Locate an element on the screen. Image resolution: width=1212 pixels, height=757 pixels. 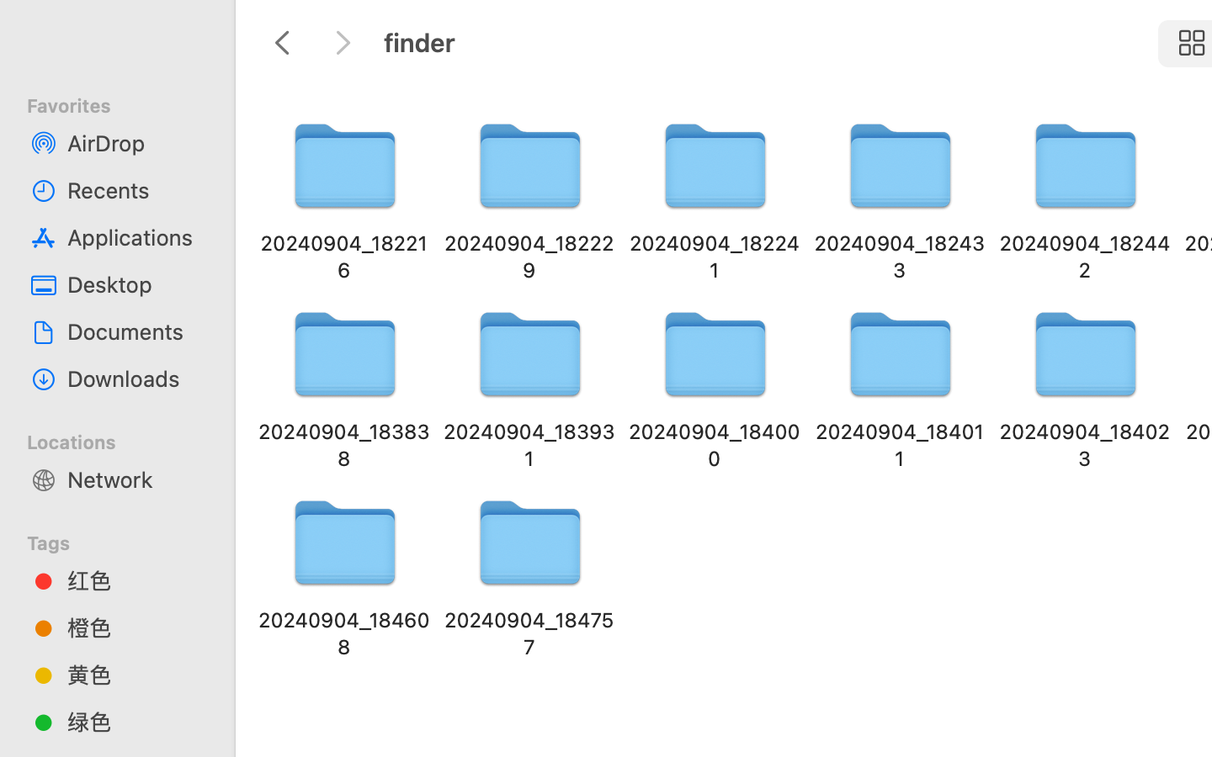
'Desktop' is located at coordinates (134, 284).